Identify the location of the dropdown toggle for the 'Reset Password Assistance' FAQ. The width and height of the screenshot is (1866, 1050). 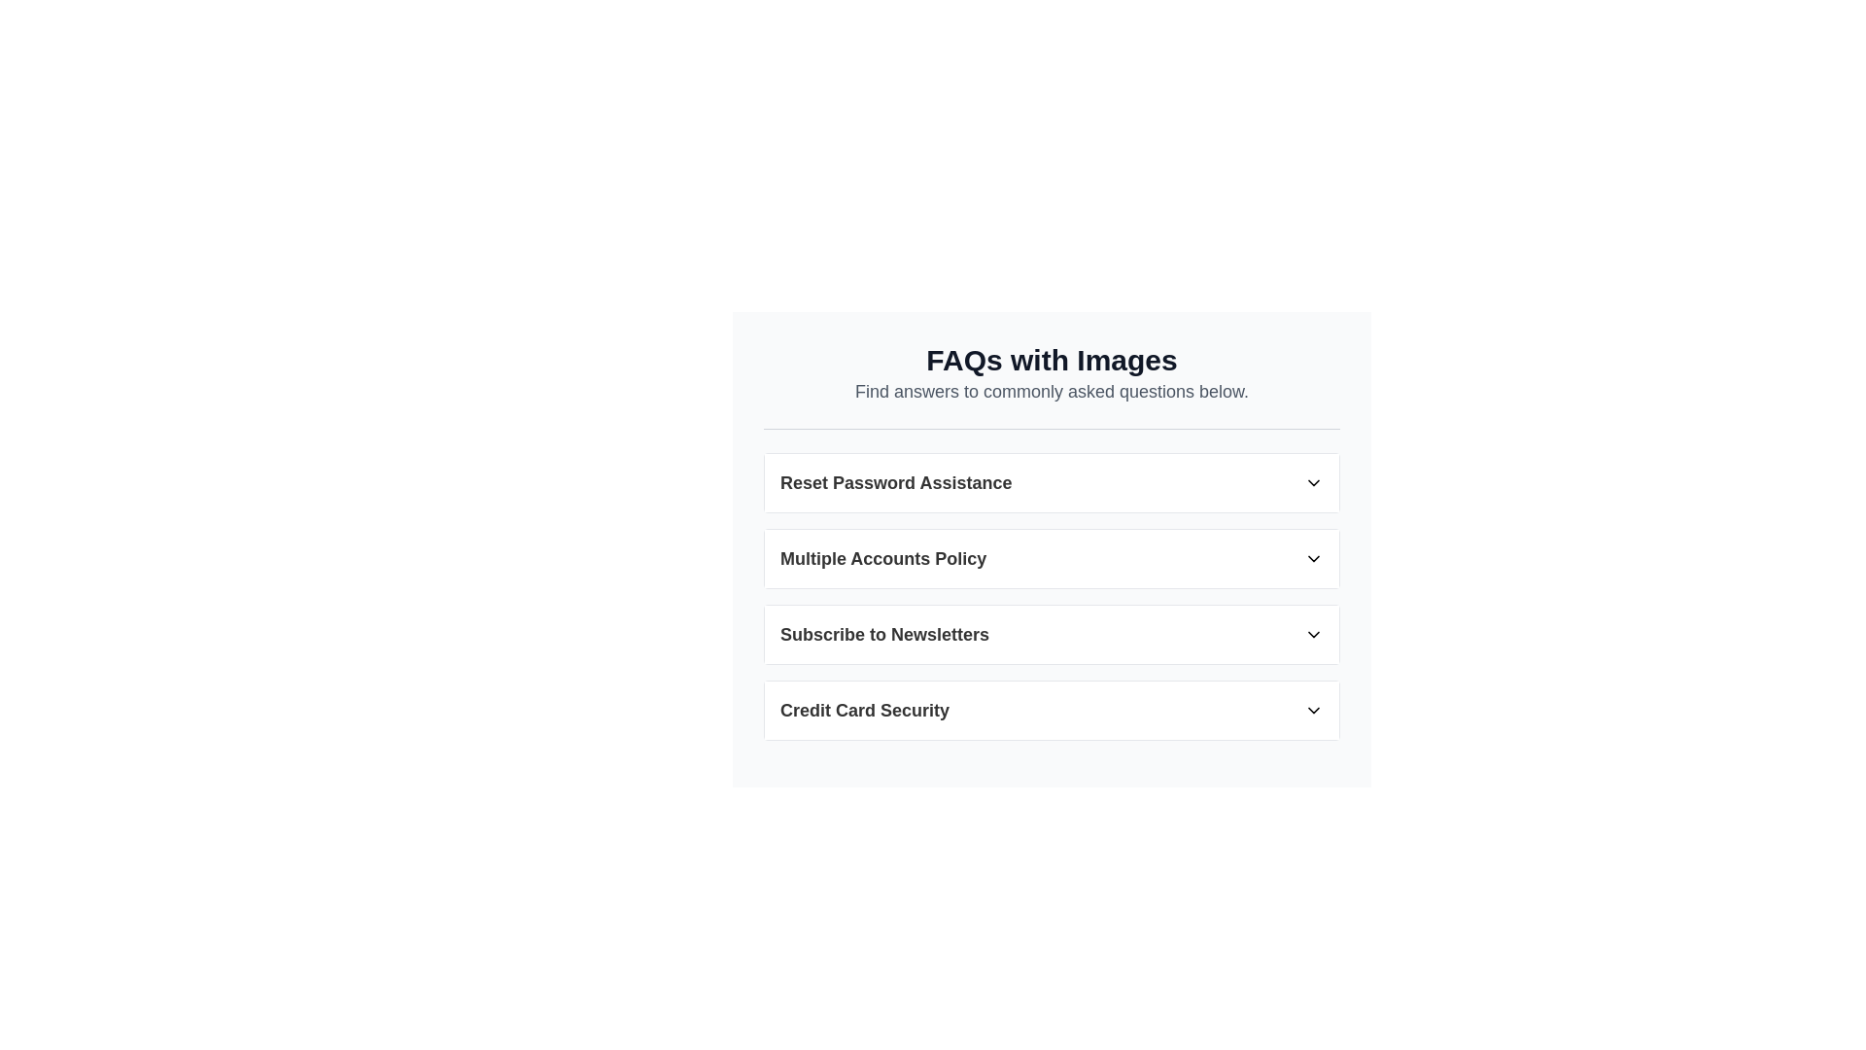
(1051, 482).